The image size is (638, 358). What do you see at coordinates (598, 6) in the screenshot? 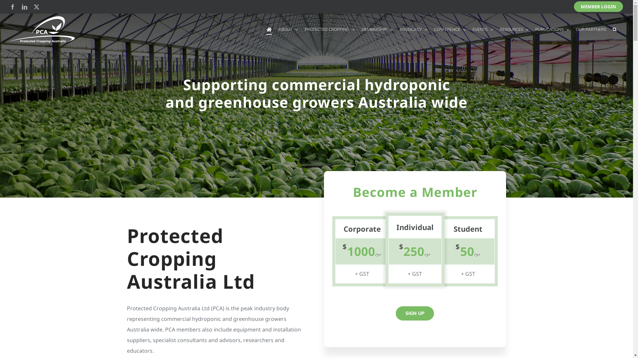
I see `'MEMBER LOGIN'` at bounding box center [598, 6].